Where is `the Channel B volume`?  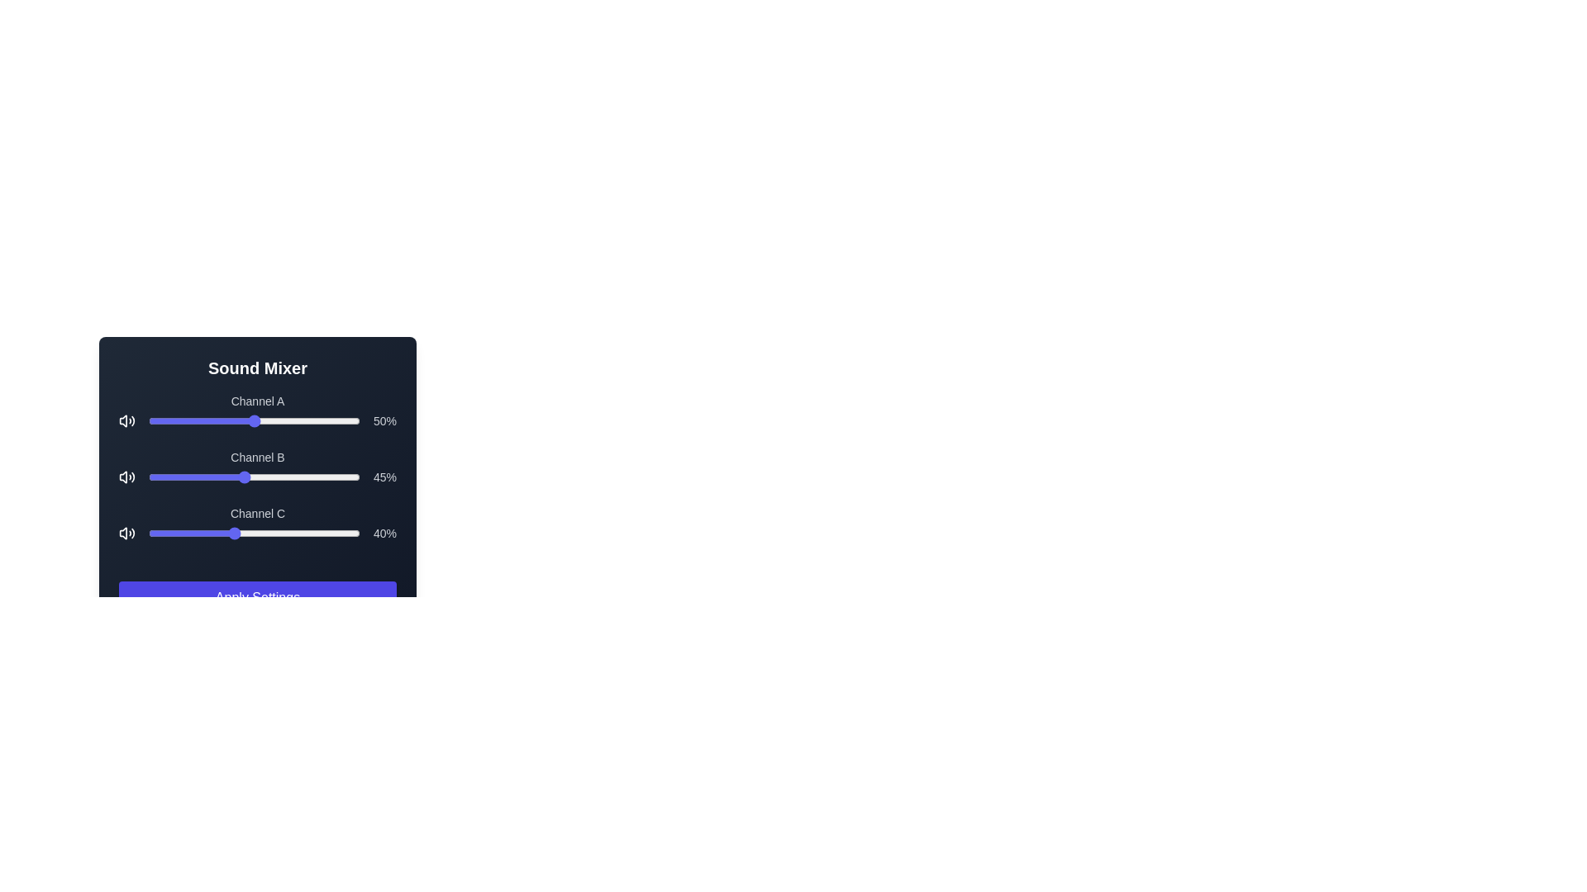
the Channel B volume is located at coordinates (228, 477).